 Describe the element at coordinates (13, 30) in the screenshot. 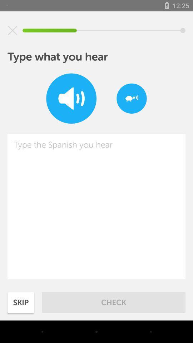

I see `item above the type what you` at that location.